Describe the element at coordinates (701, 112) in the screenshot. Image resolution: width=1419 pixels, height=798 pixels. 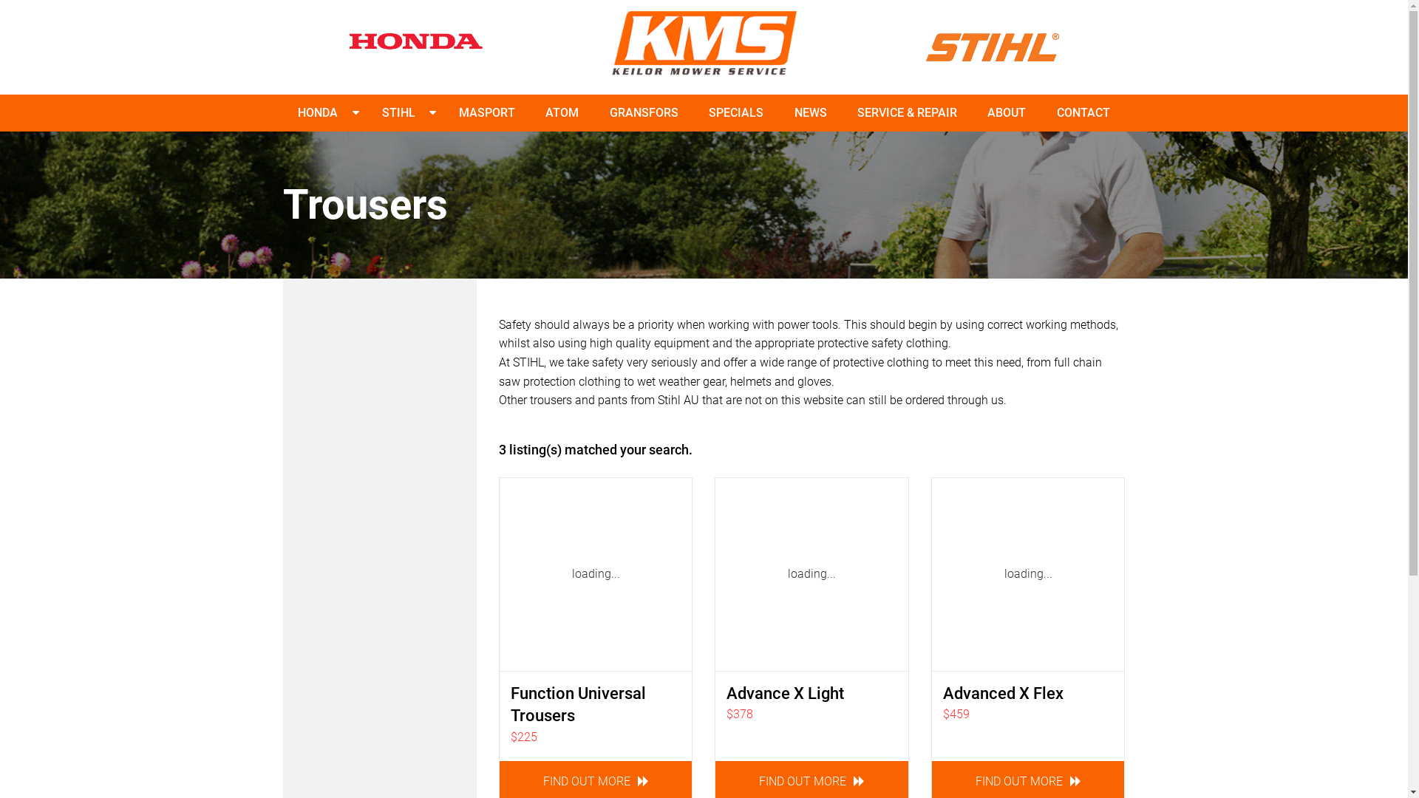
I see `'SPECIALS'` at that location.